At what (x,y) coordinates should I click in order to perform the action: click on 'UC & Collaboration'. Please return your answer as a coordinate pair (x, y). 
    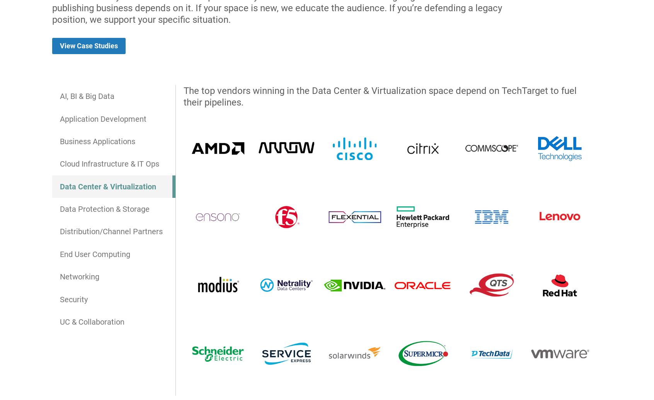
    Looking at the image, I should click on (59, 321).